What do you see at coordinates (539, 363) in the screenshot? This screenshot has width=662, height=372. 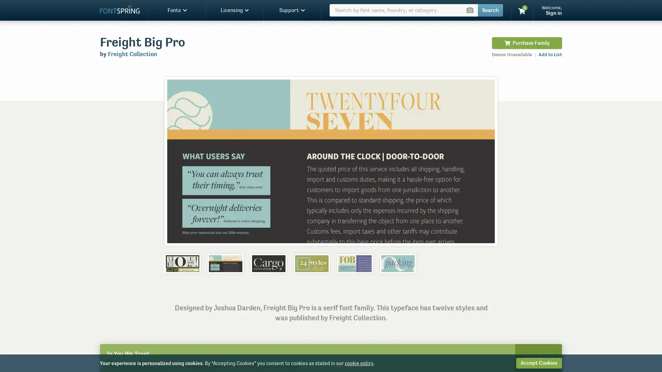 I see `Accept Cookies` at bounding box center [539, 363].